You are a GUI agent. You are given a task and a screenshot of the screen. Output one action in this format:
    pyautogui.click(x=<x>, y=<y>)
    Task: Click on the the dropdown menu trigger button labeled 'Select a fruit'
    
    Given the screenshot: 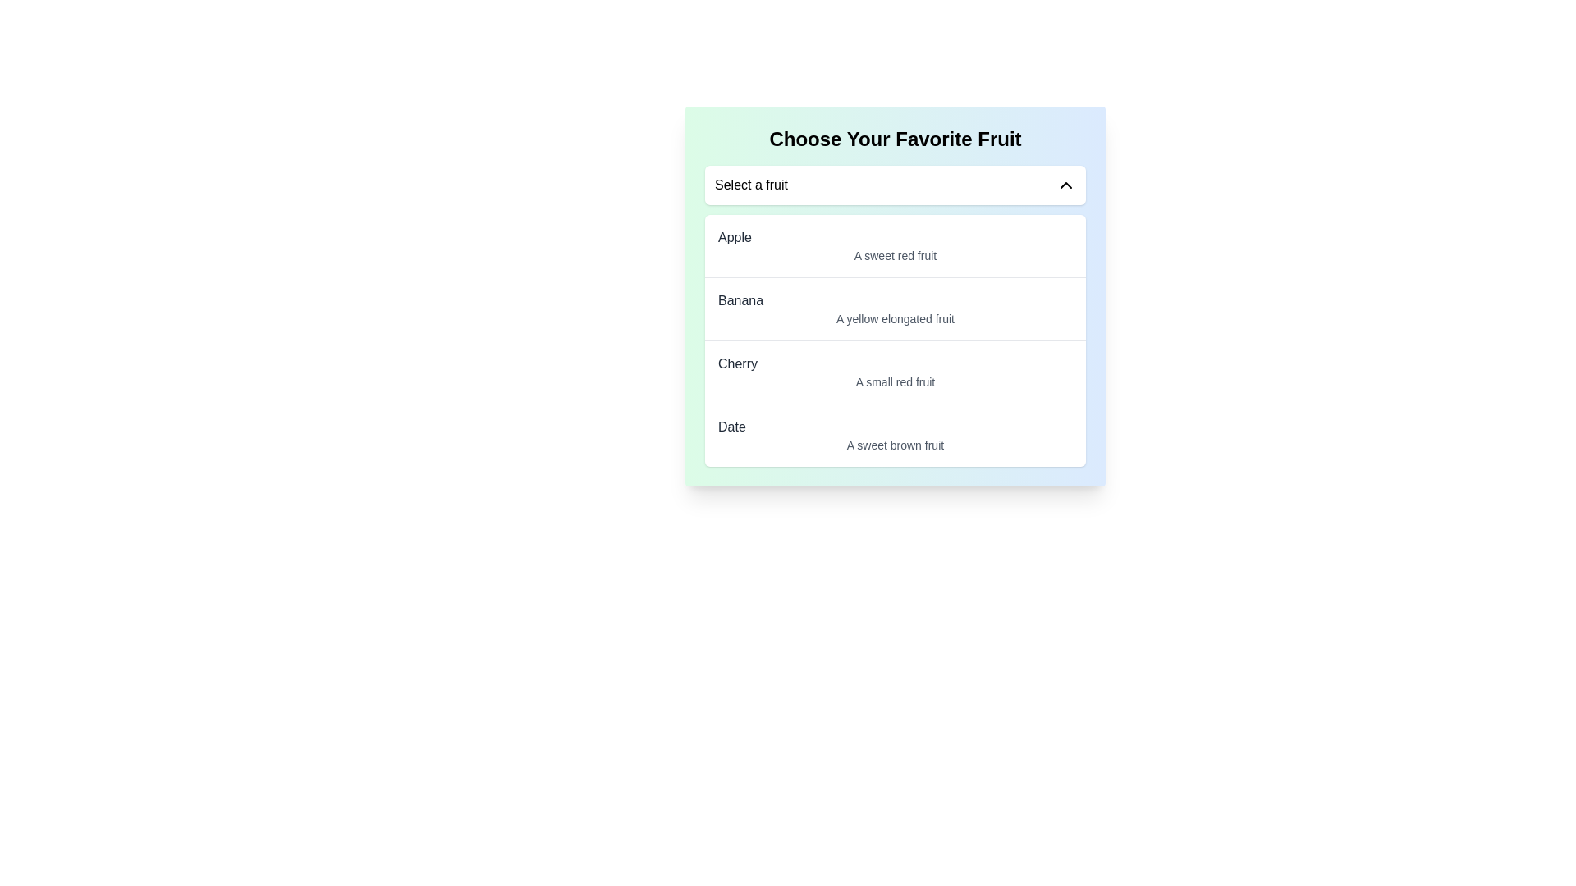 What is the action you would take?
    pyautogui.click(x=894, y=185)
    